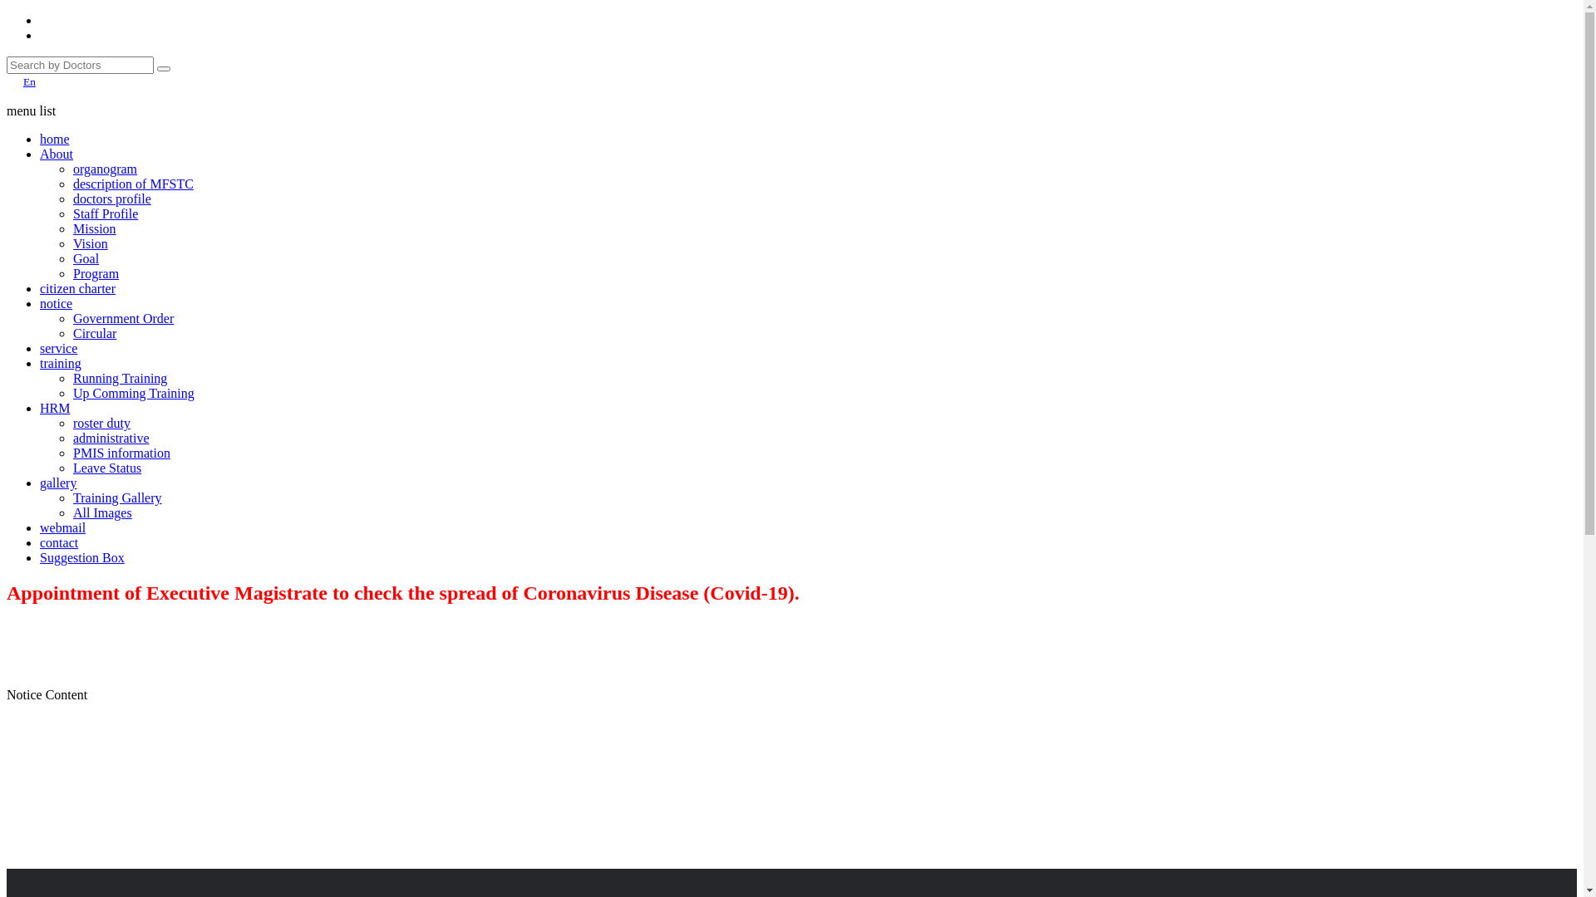 The width and height of the screenshot is (1596, 897). Describe the element at coordinates (71, 243) in the screenshot. I see `'Vision'` at that location.